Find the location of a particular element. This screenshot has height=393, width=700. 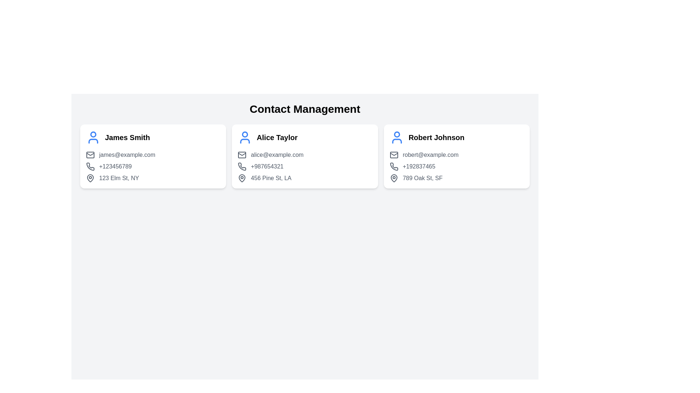

the contact details block for James Smith to prompt actions like opening email or calling the number is located at coordinates (153, 167).